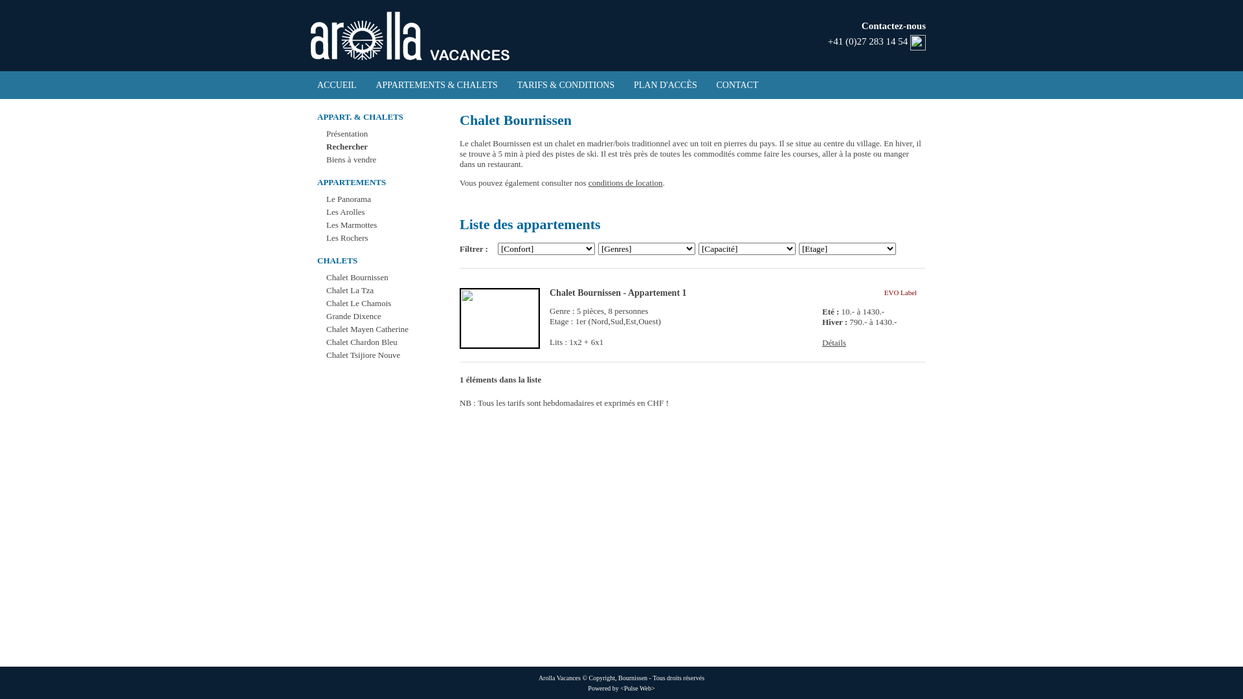 The height and width of the screenshot is (699, 1243). Describe the element at coordinates (625, 183) in the screenshot. I see `'conditions de location'` at that location.